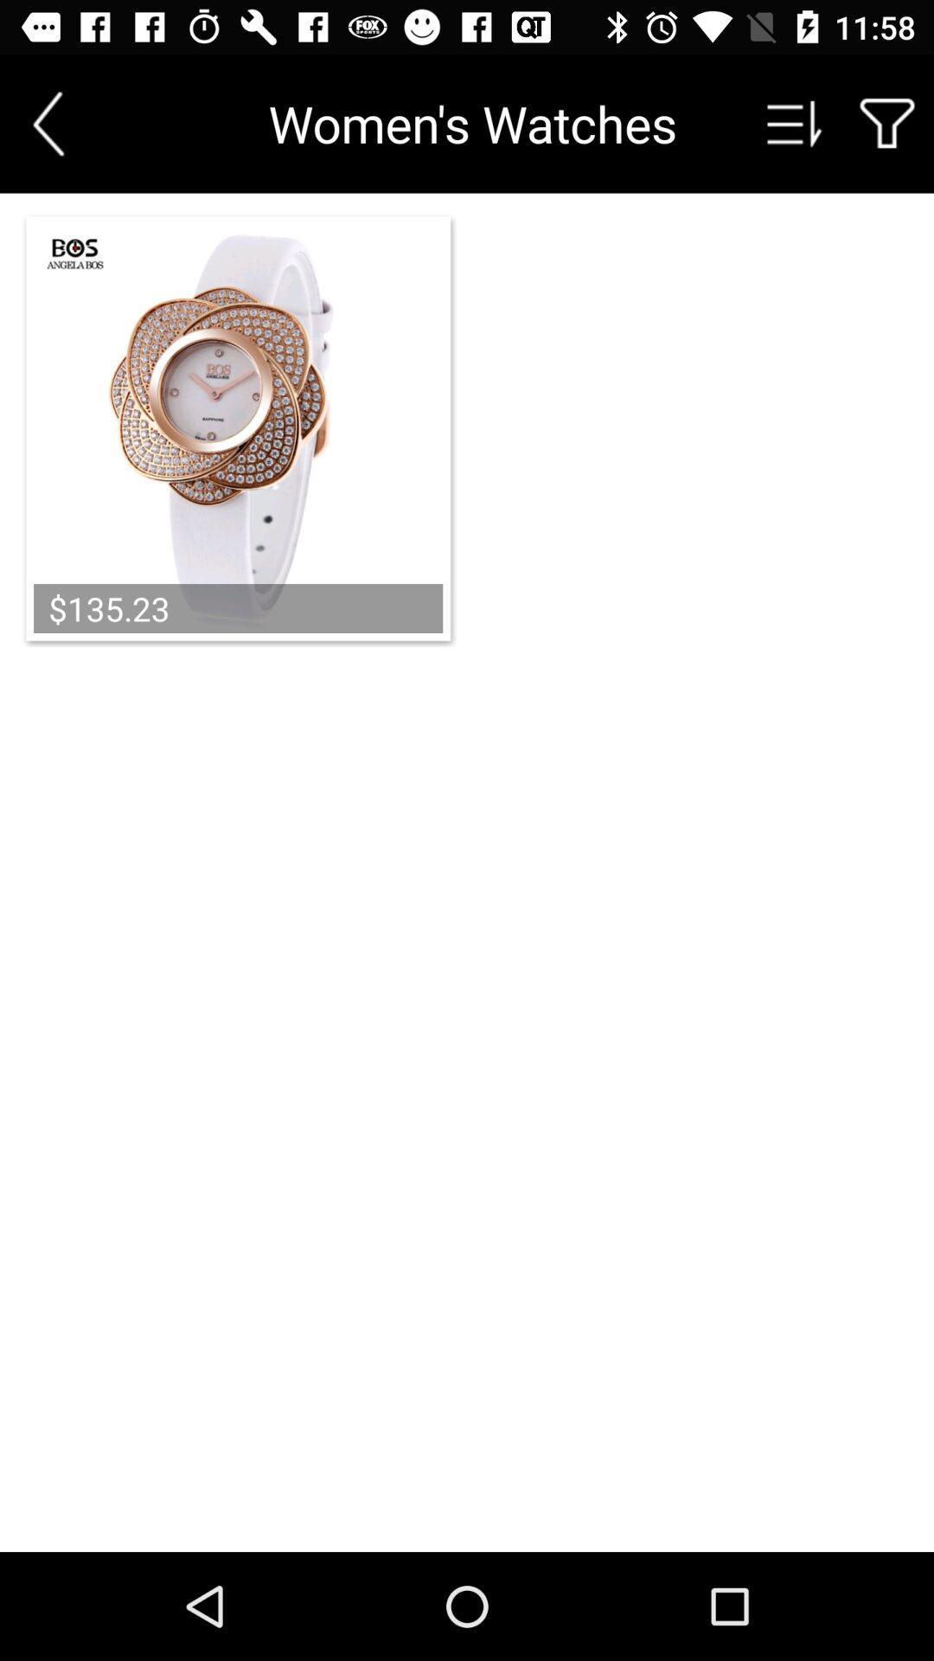 The image size is (934, 1661). I want to click on previous, so click(48, 123).